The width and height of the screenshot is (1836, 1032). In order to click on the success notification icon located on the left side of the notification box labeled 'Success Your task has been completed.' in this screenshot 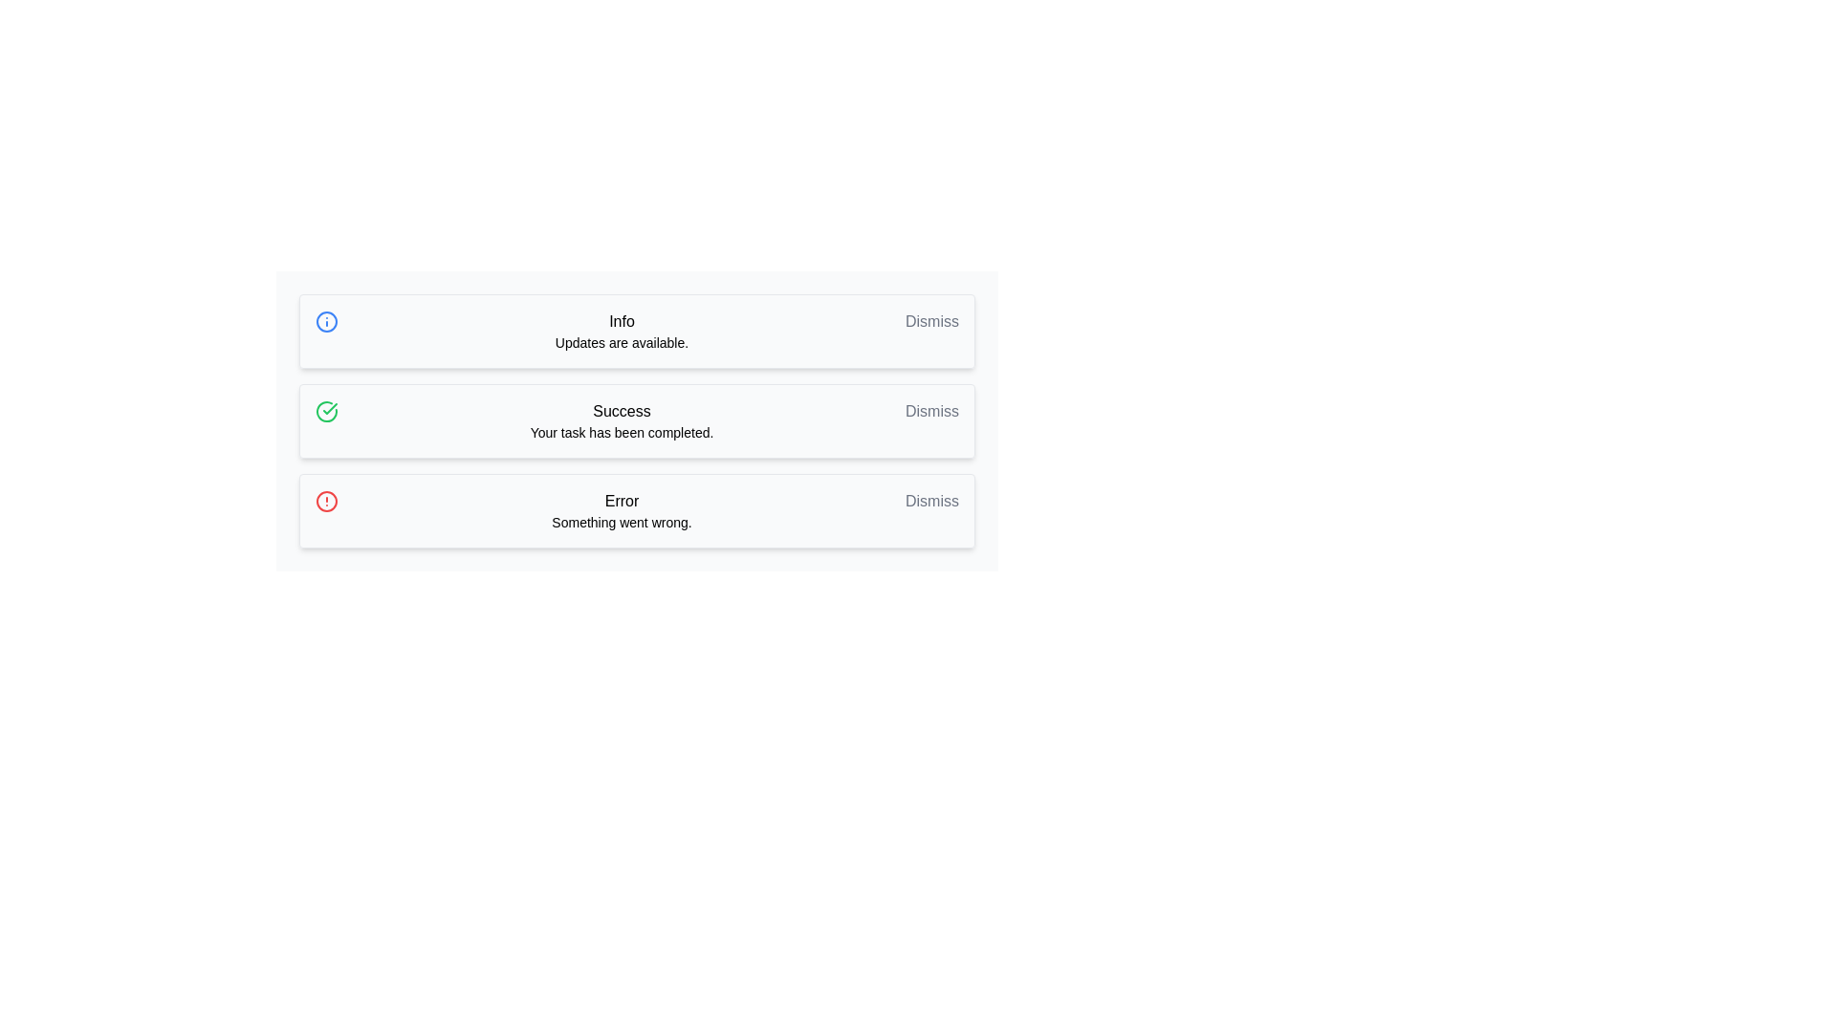, I will do `click(326, 411)`.